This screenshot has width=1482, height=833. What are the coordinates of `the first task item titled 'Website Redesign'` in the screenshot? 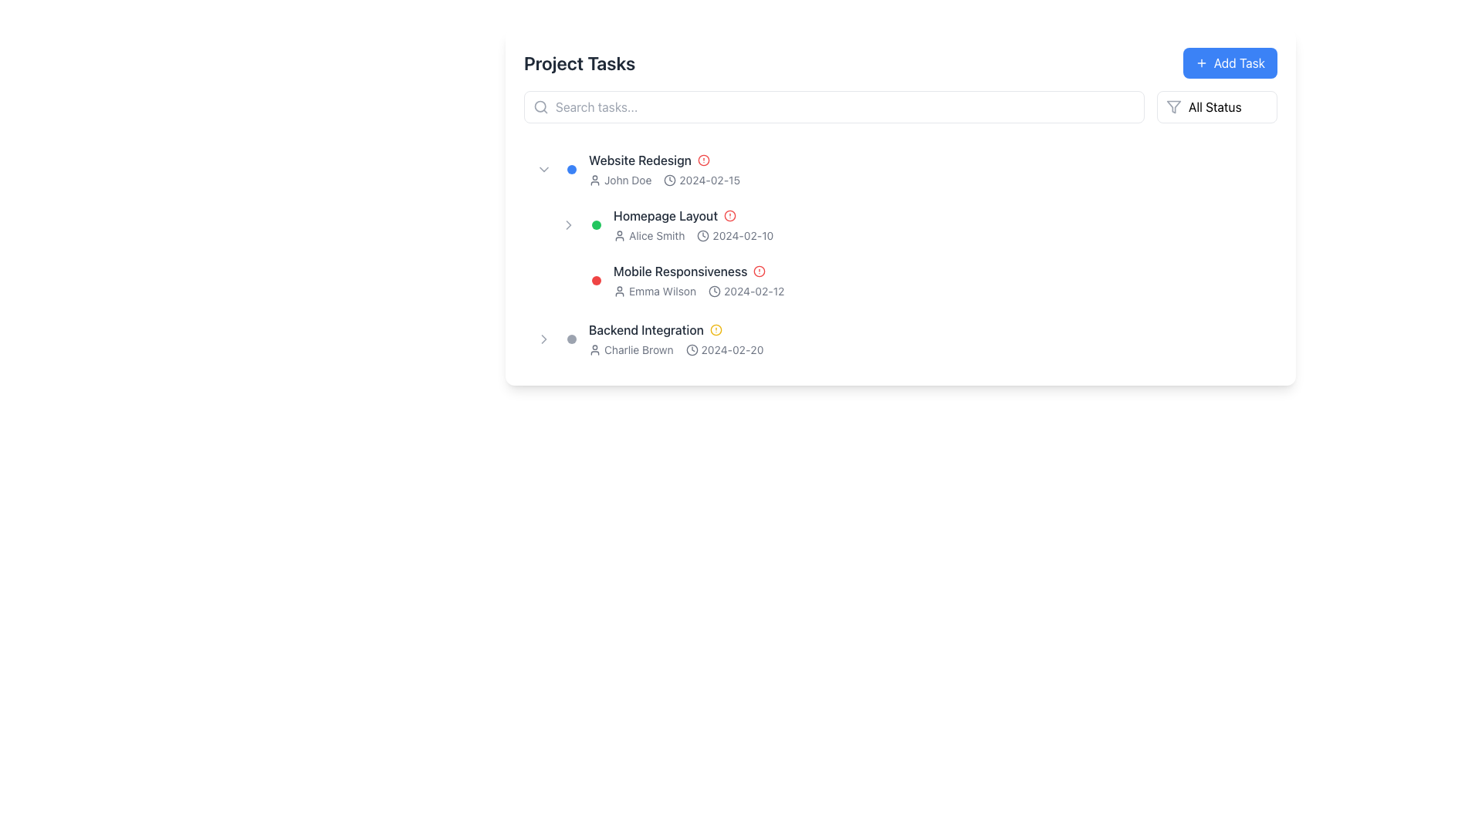 It's located at (900, 169).